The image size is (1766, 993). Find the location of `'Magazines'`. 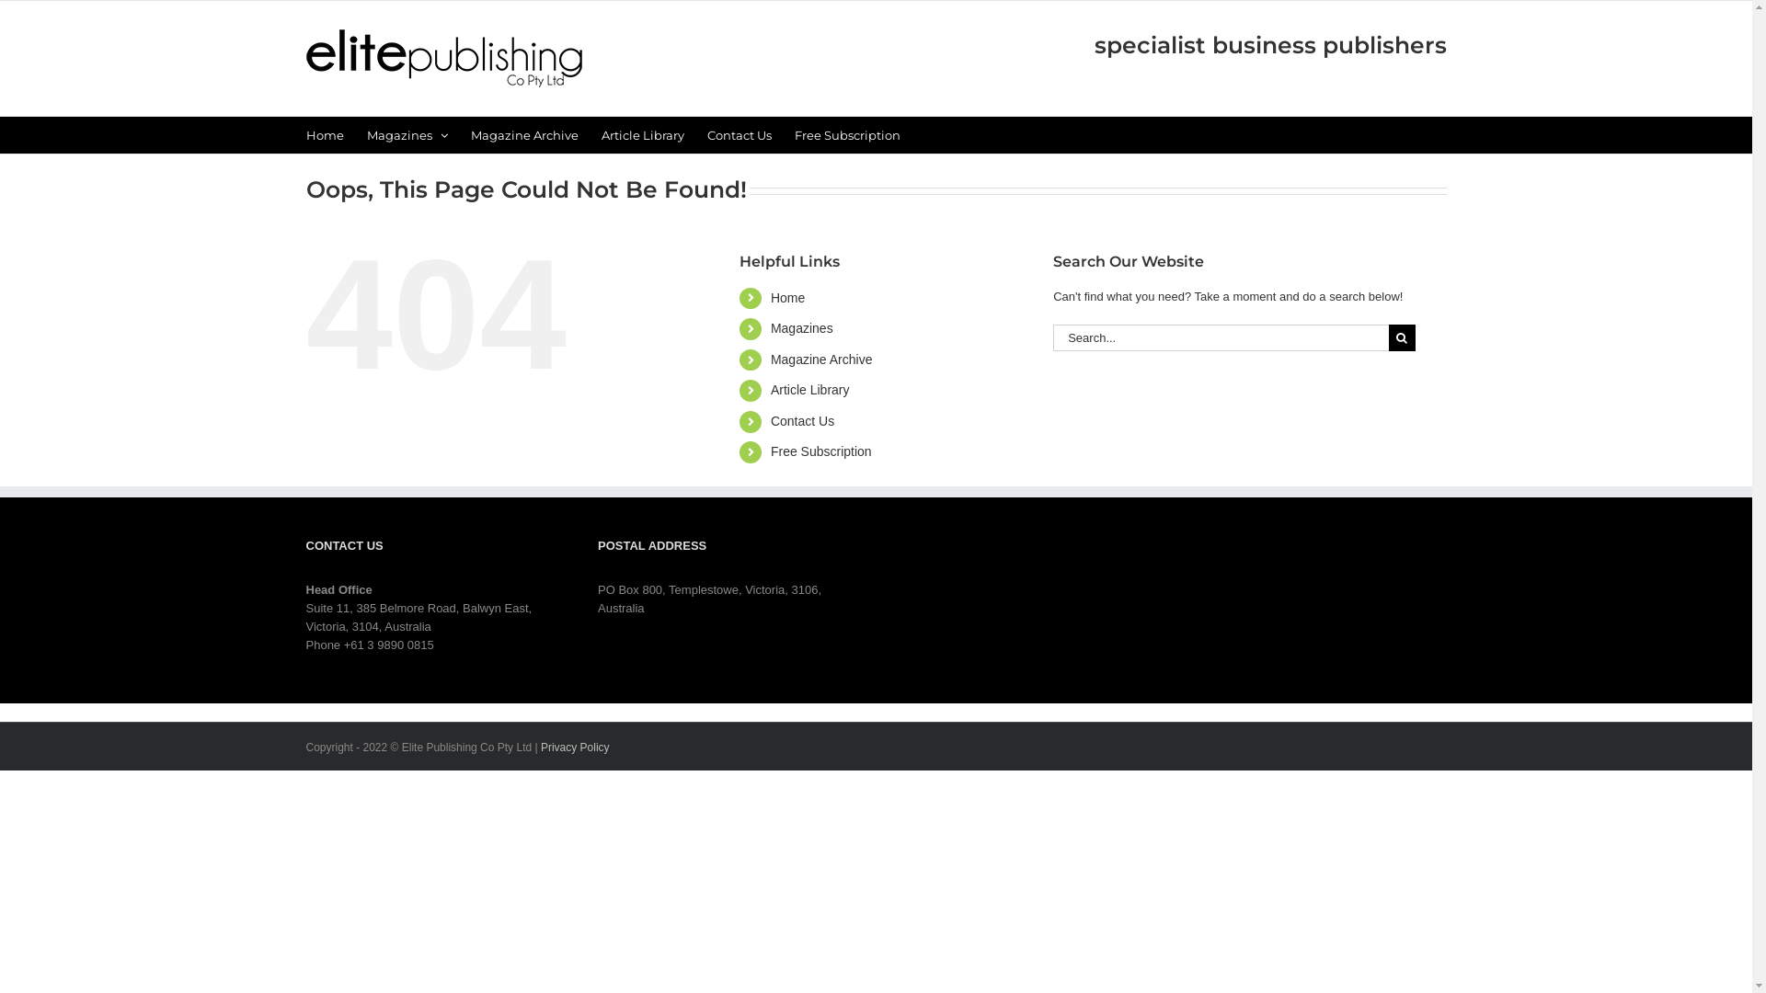

'Magazines' is located at coordinates (405, 133).